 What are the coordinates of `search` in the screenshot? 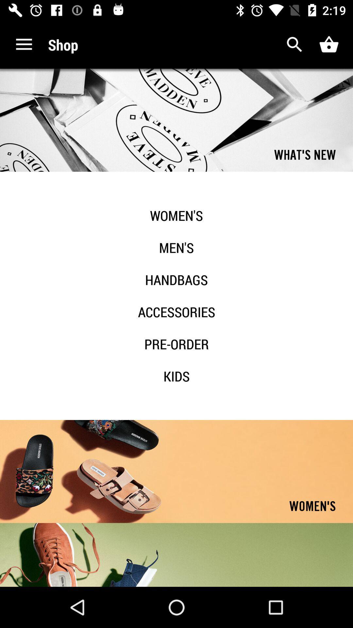 It's located at (294, 44).